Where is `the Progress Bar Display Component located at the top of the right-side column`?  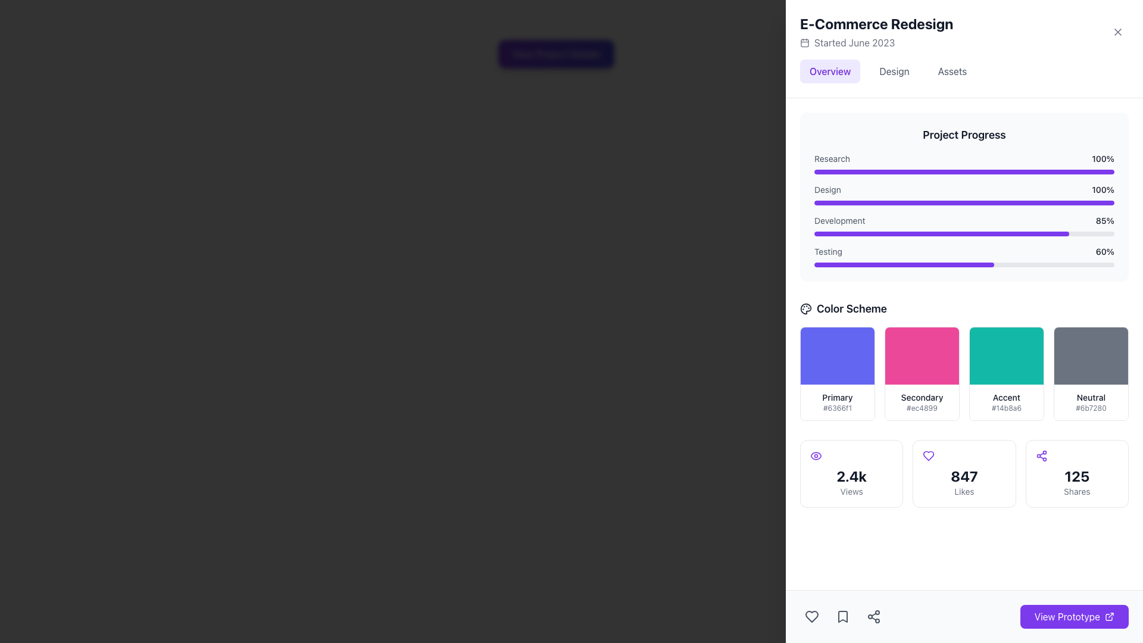
the Progress Bar Display Component located at the top of the right-side column is located at coordinates (964, 196).